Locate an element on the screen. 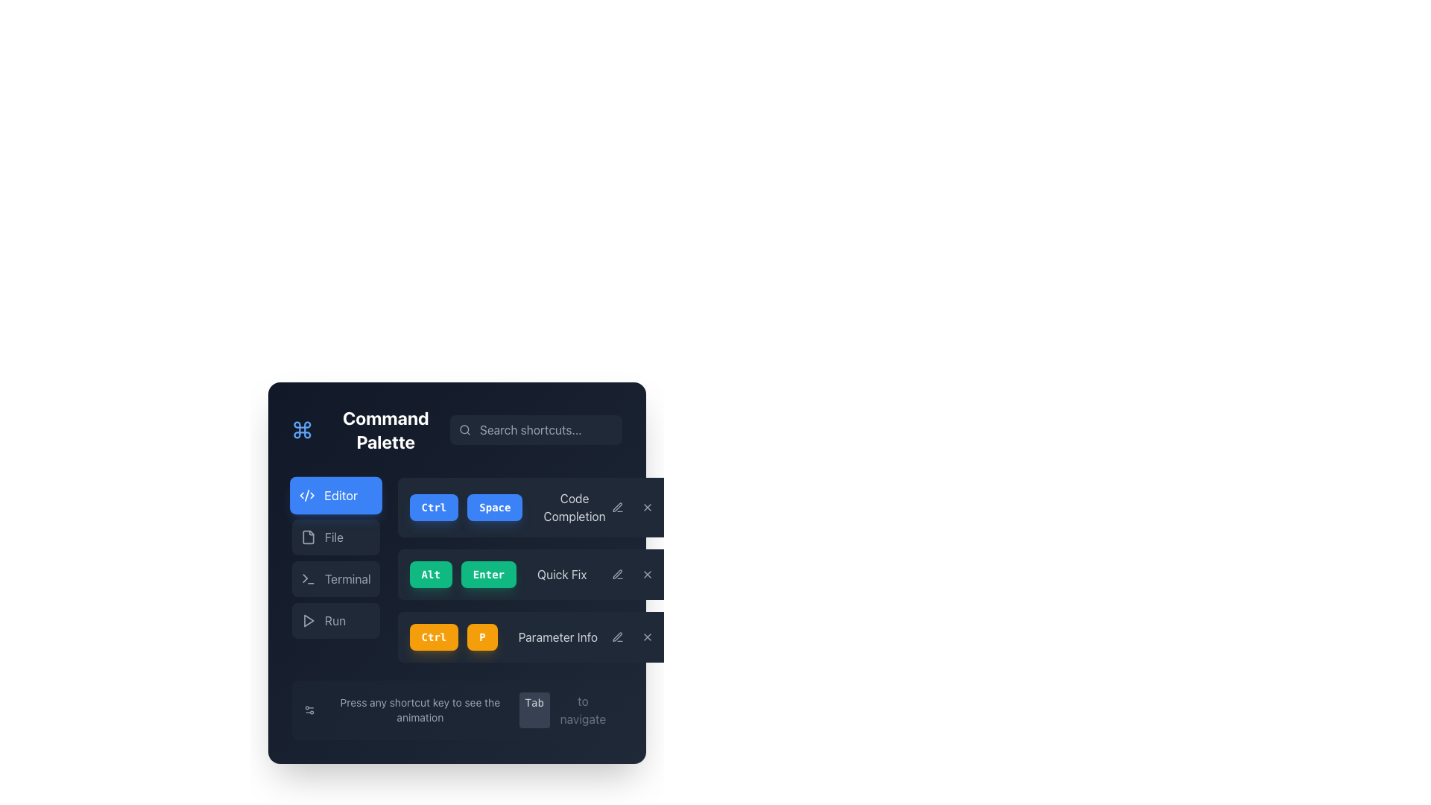 This screenshot has width=1431, height=805. the pen icon located to the right of the 'Code Completion' text in the Command Palette interface is located at coordinates (617, 507).